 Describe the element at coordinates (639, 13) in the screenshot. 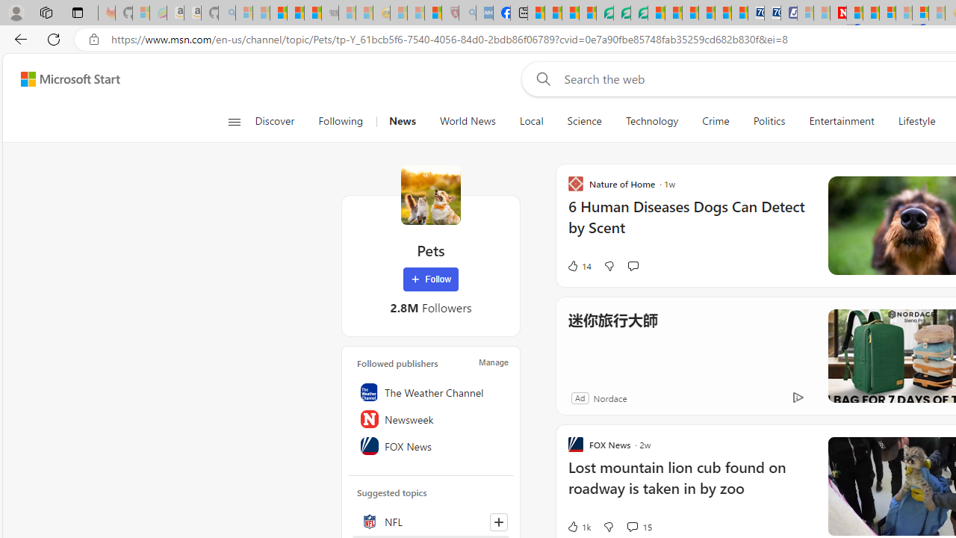

I see `'Microsoft Word - consumer-privacy address update 2.2021'` at that location.